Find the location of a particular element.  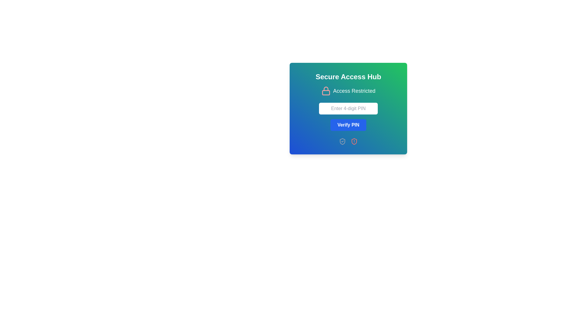

the Password Input Field located in the center of the 'Secure Access Hub' modal is located at coordinates (348, 109).